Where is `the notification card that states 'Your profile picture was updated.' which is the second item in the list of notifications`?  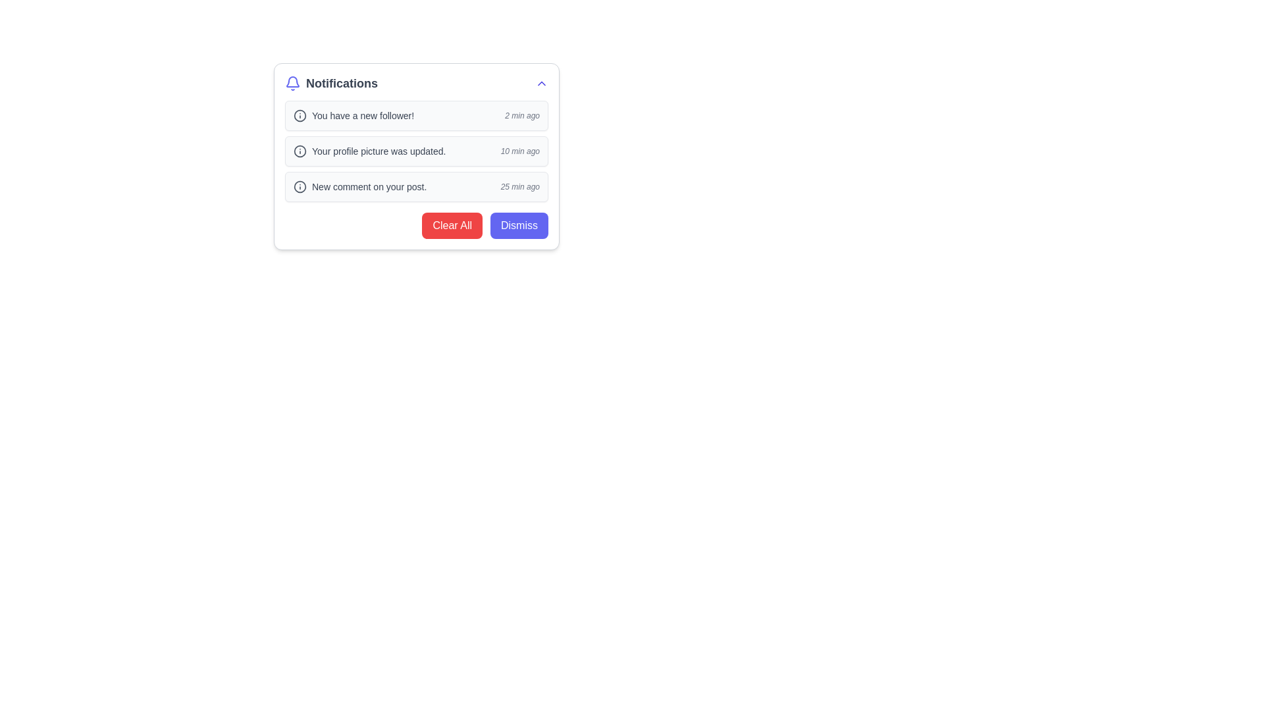 the notification card that states 'Your profile picture was updated.' which is the second item in the list of notifications is located at coordinates (416, 151).